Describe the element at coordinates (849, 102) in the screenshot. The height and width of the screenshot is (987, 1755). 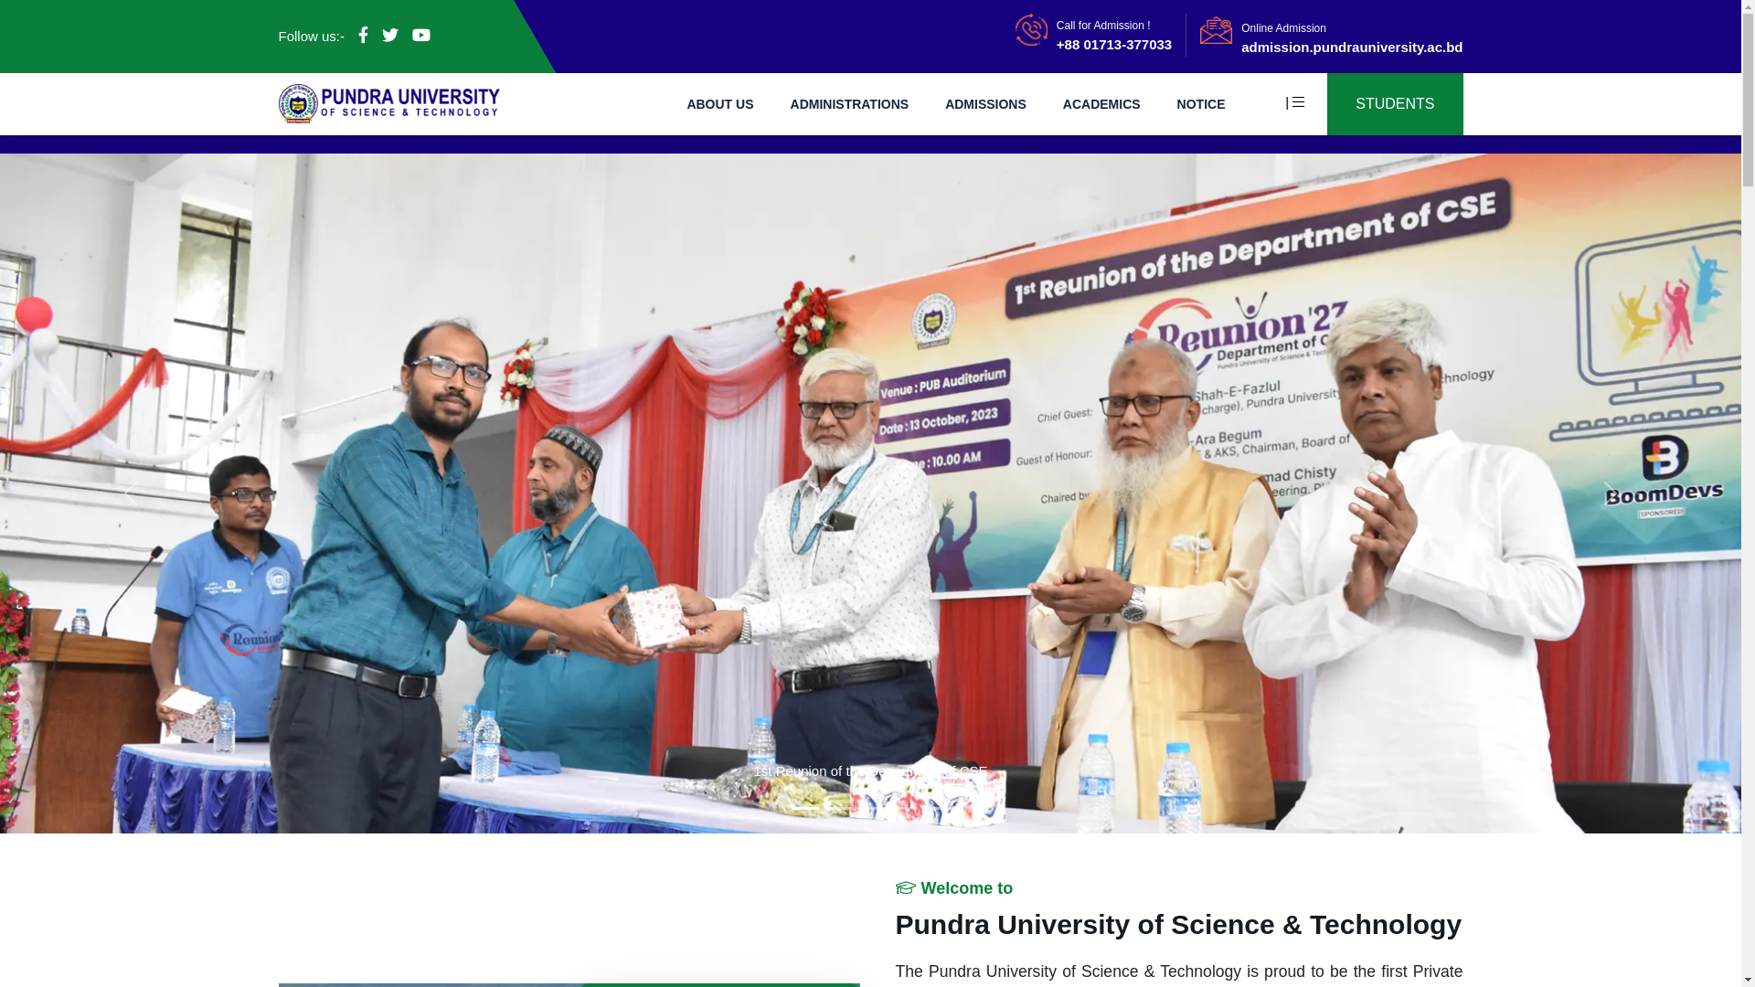
I see `'ADMINISTRATIONS'` at that location.